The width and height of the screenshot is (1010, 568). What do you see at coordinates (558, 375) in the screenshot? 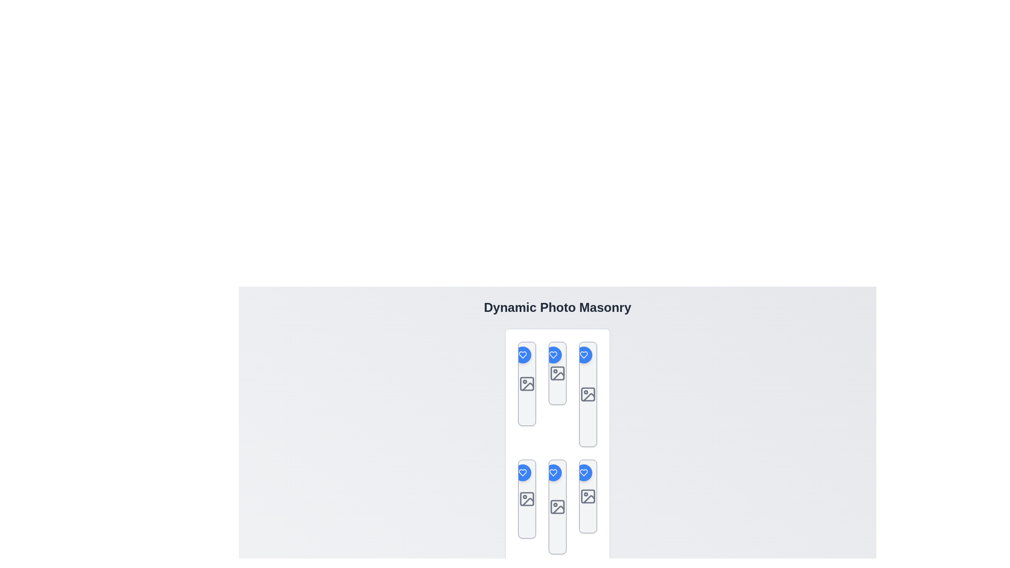
I see `the vector graphic icon located in the second column of the top row, which features a heart and a crossed-out image symbol, to indicate image-related actions` at bounding box center [558, 375].